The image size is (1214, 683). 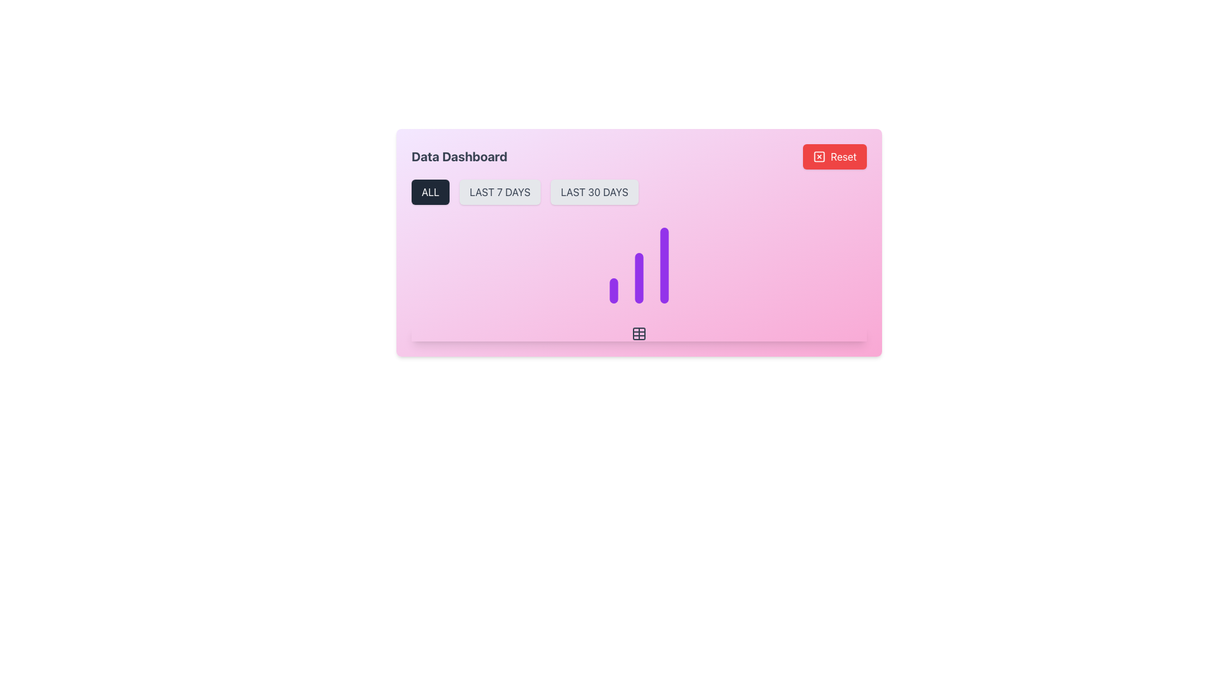 I want to click on the 'Reset' button located in the upper right corner of the widget, which features a white bold font on a red background and includes an icon (a square with an 'X'), so click(x=843, y=156).